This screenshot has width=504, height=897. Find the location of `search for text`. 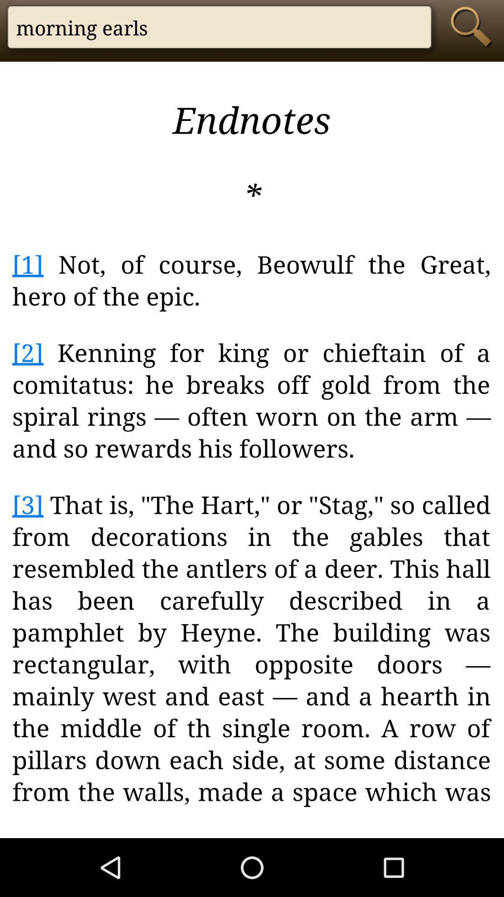

search for text is located at coordinates (474, 27).